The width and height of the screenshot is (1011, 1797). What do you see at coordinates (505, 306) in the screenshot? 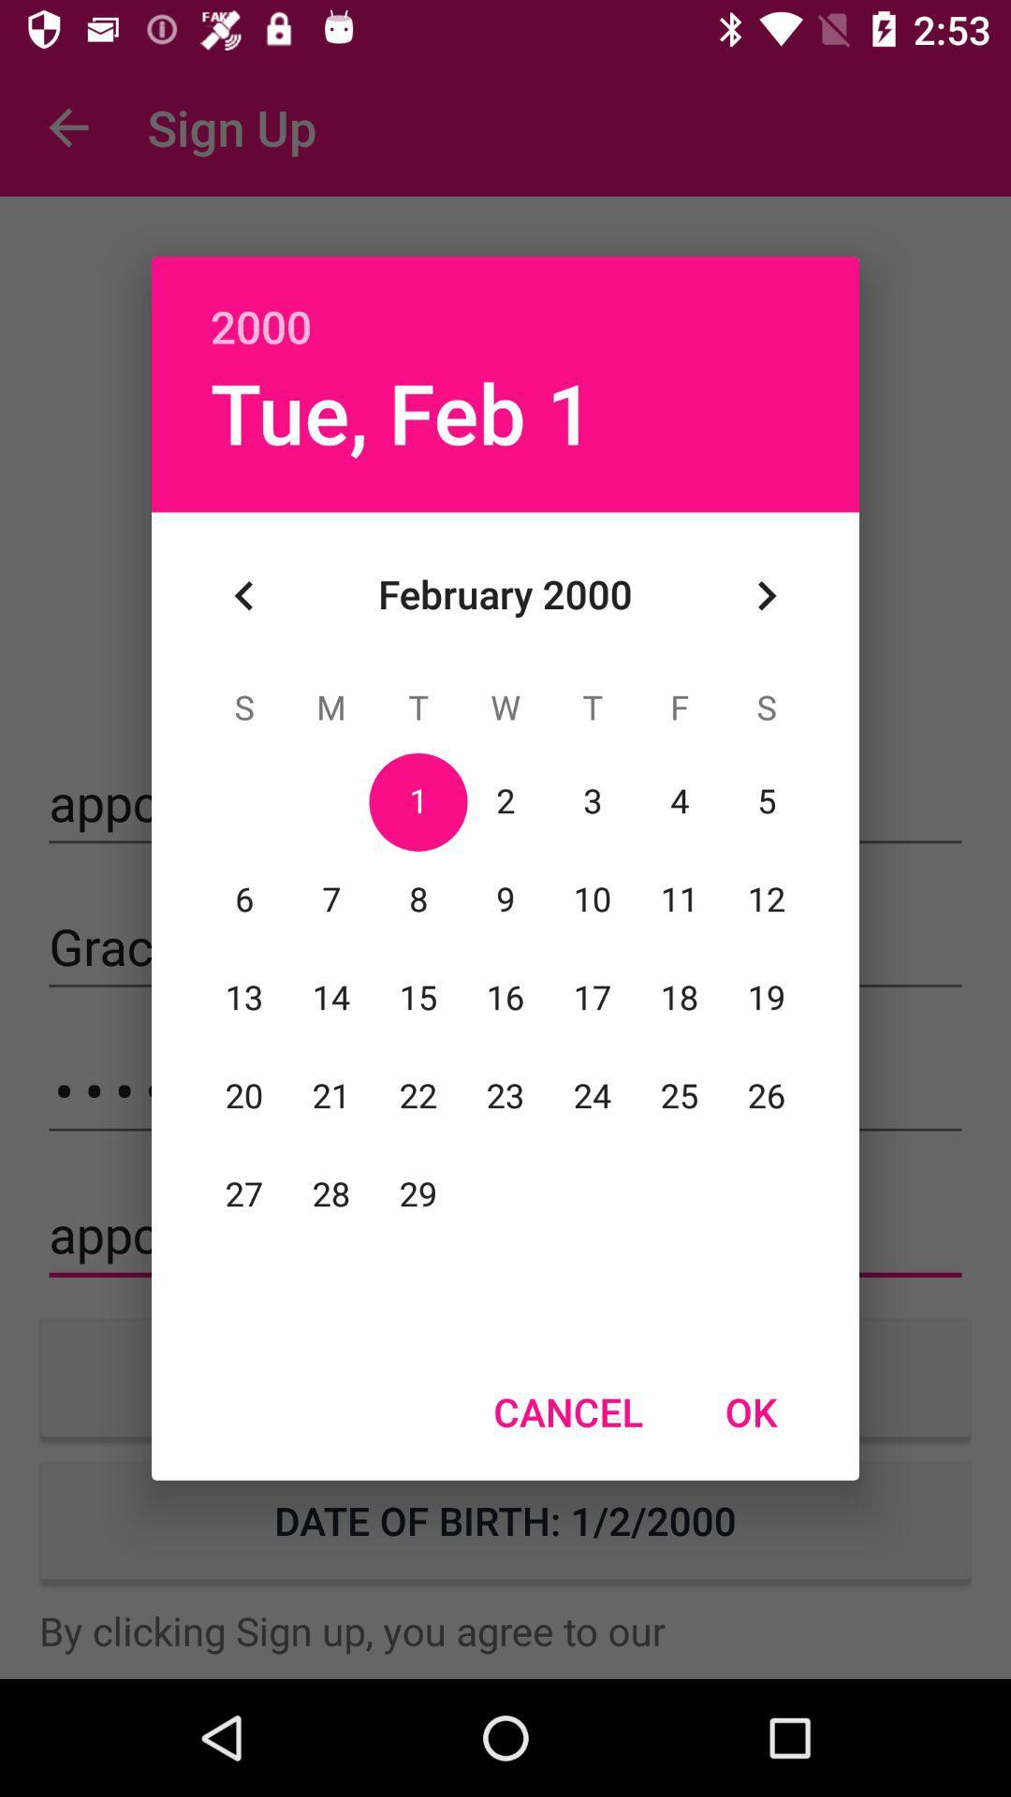
I see `the 2000 icon` at bounding box center [505, 306].